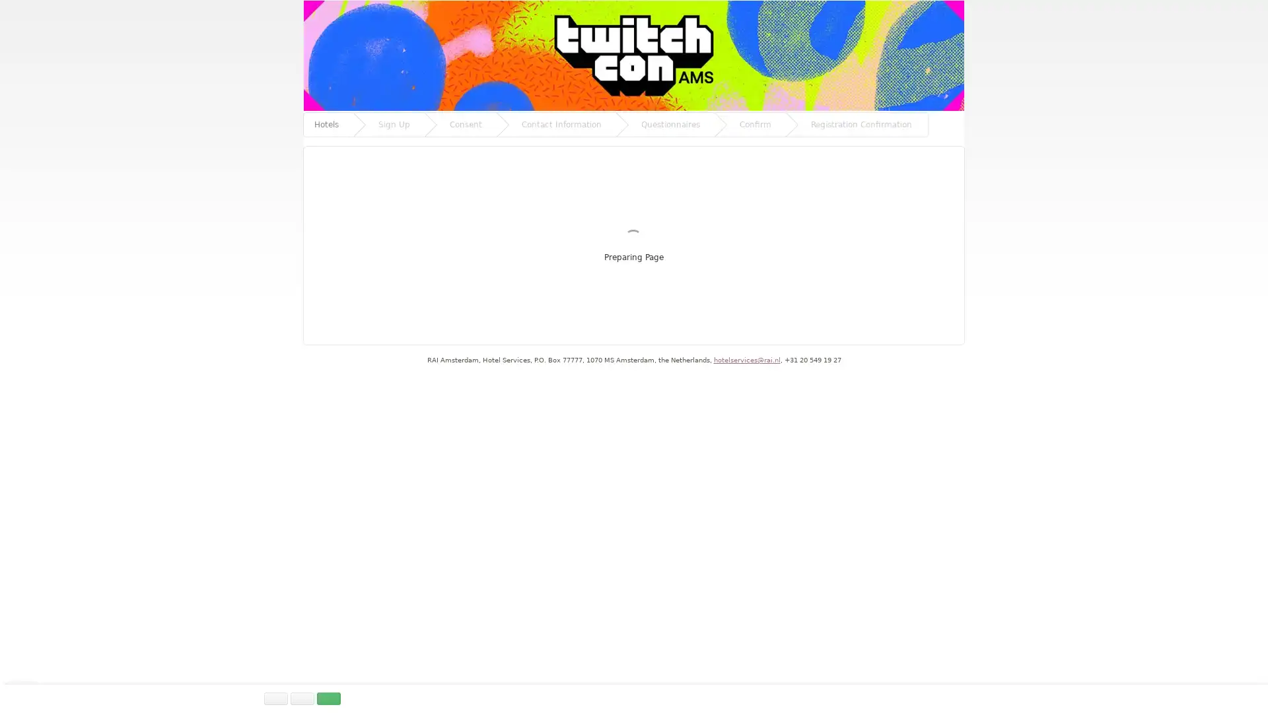 The height and width of the screenshot is (713, 1268). What do you see at coordinates (1007, 694) in the screenshot?
I see `ALLOW ALL` at bounding box center [1007, 694].